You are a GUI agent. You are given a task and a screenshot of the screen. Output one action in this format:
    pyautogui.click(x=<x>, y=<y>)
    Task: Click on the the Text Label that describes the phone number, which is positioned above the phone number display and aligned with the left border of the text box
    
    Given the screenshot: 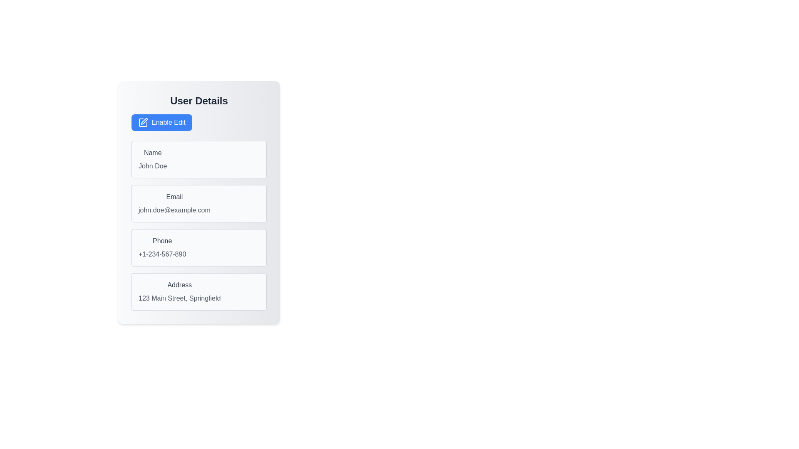 What is the action you would take?
    pyautogui.click(x=162, y=241)
    